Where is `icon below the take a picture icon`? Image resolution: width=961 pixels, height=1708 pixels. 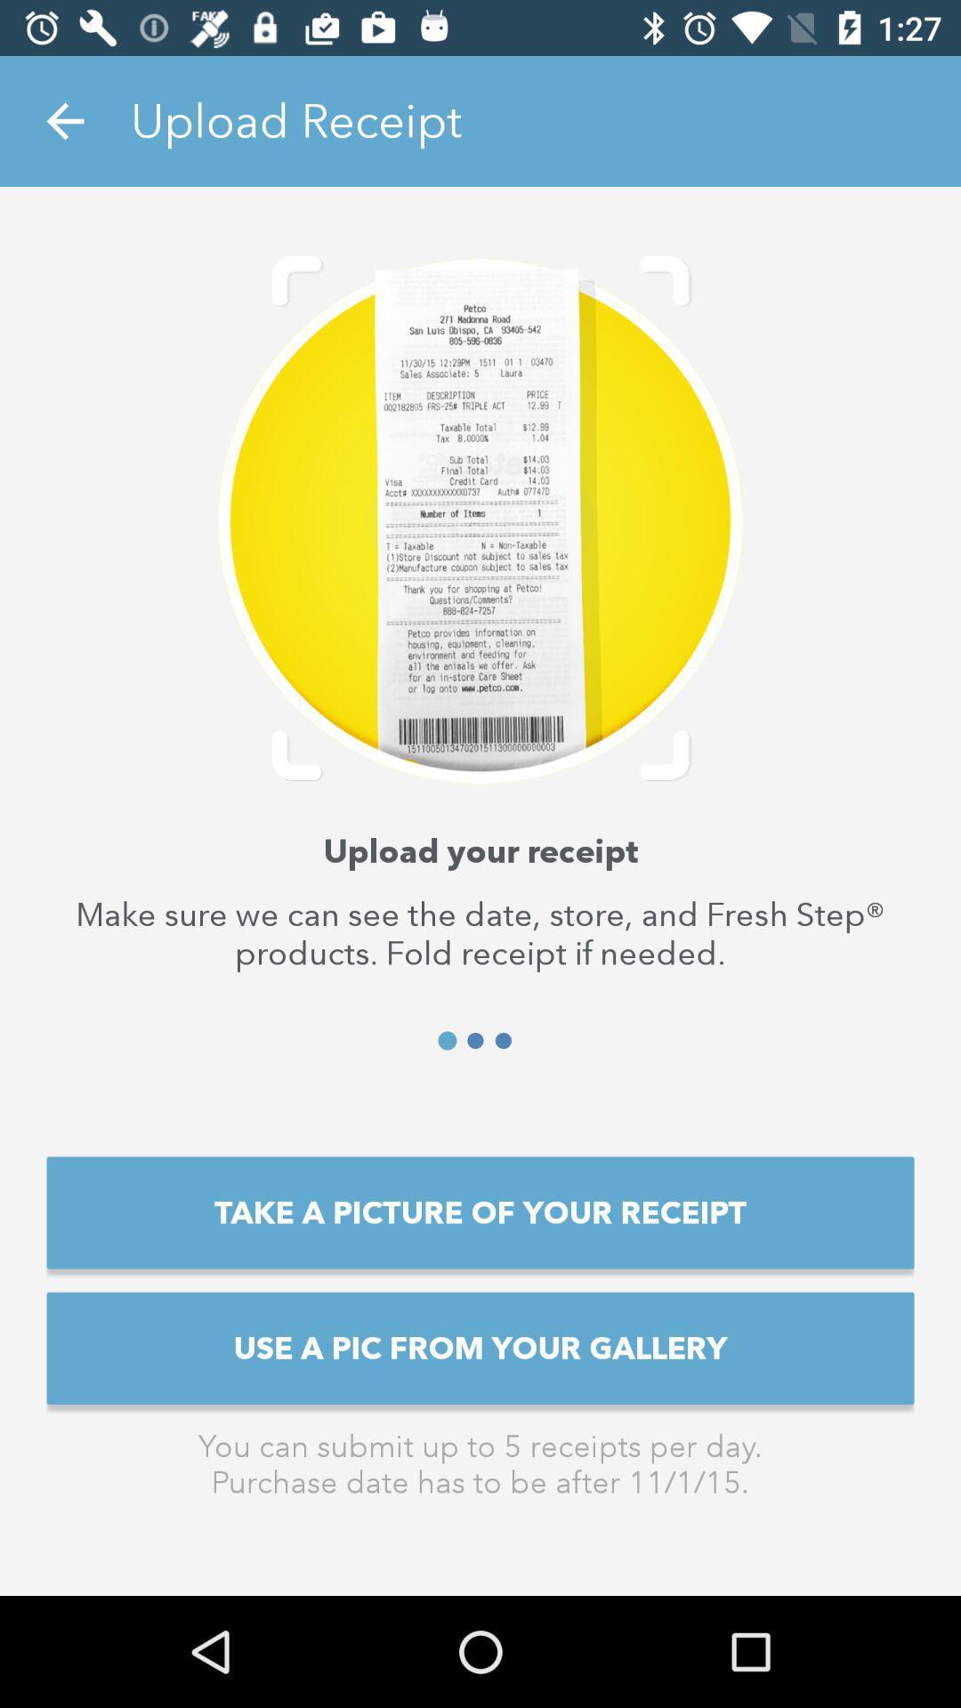 icon below the take a picture icon is located at coordinates (480, 1348).